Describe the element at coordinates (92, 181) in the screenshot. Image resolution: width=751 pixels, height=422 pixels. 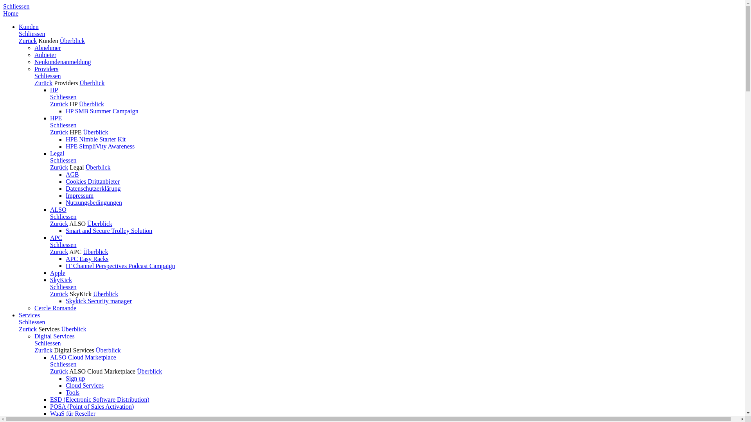
I see `'Cookies Drittanbieter'` at that location.